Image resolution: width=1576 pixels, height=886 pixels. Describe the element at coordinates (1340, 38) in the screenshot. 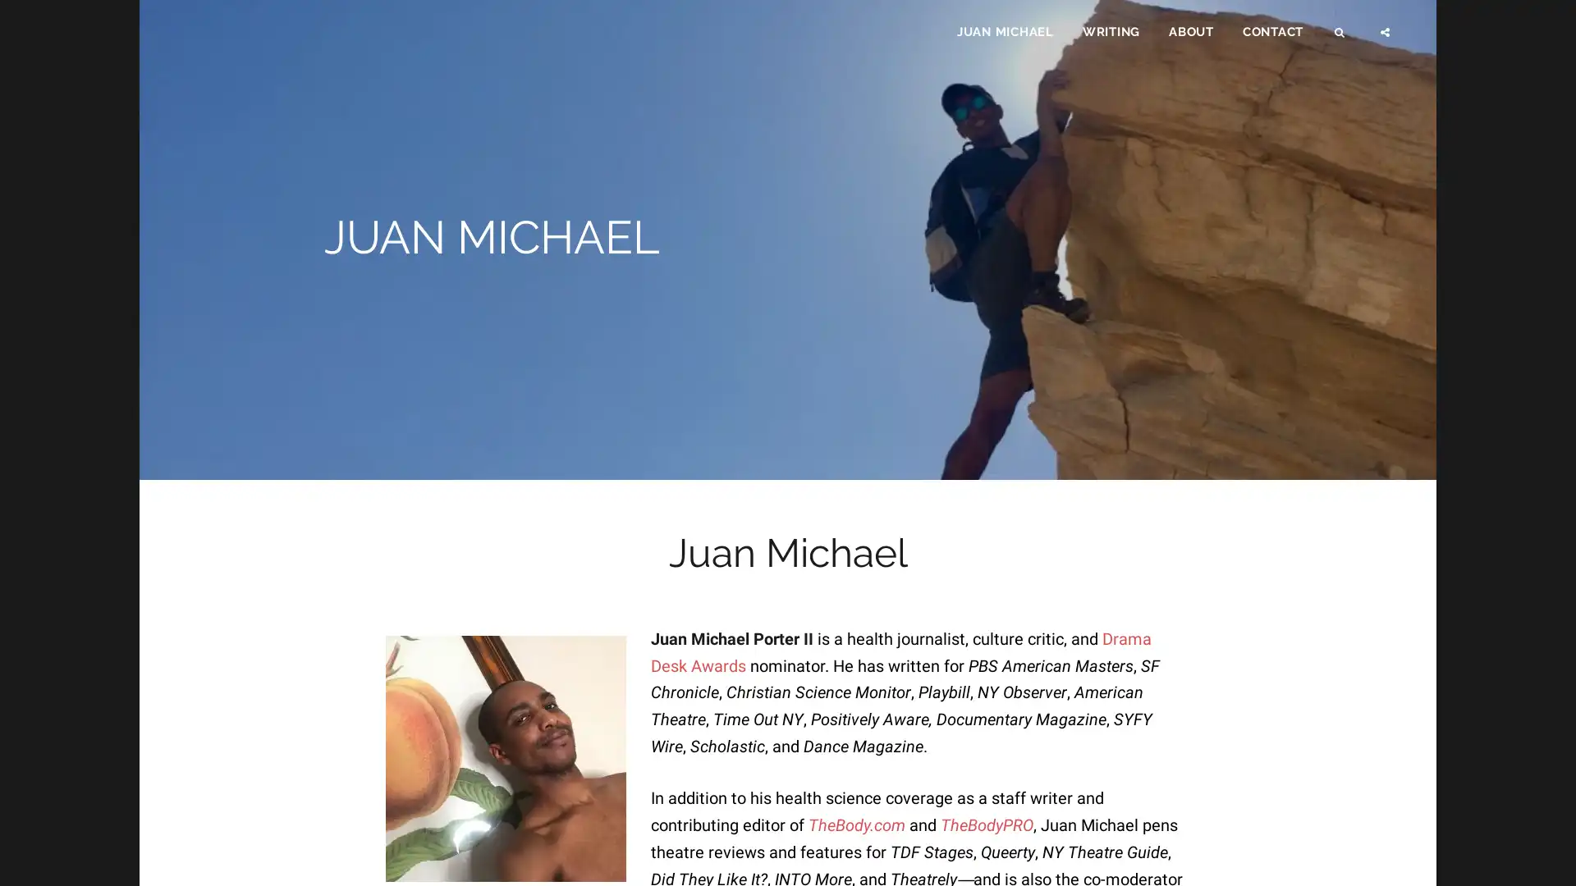

I see `SEARCH` at that location.